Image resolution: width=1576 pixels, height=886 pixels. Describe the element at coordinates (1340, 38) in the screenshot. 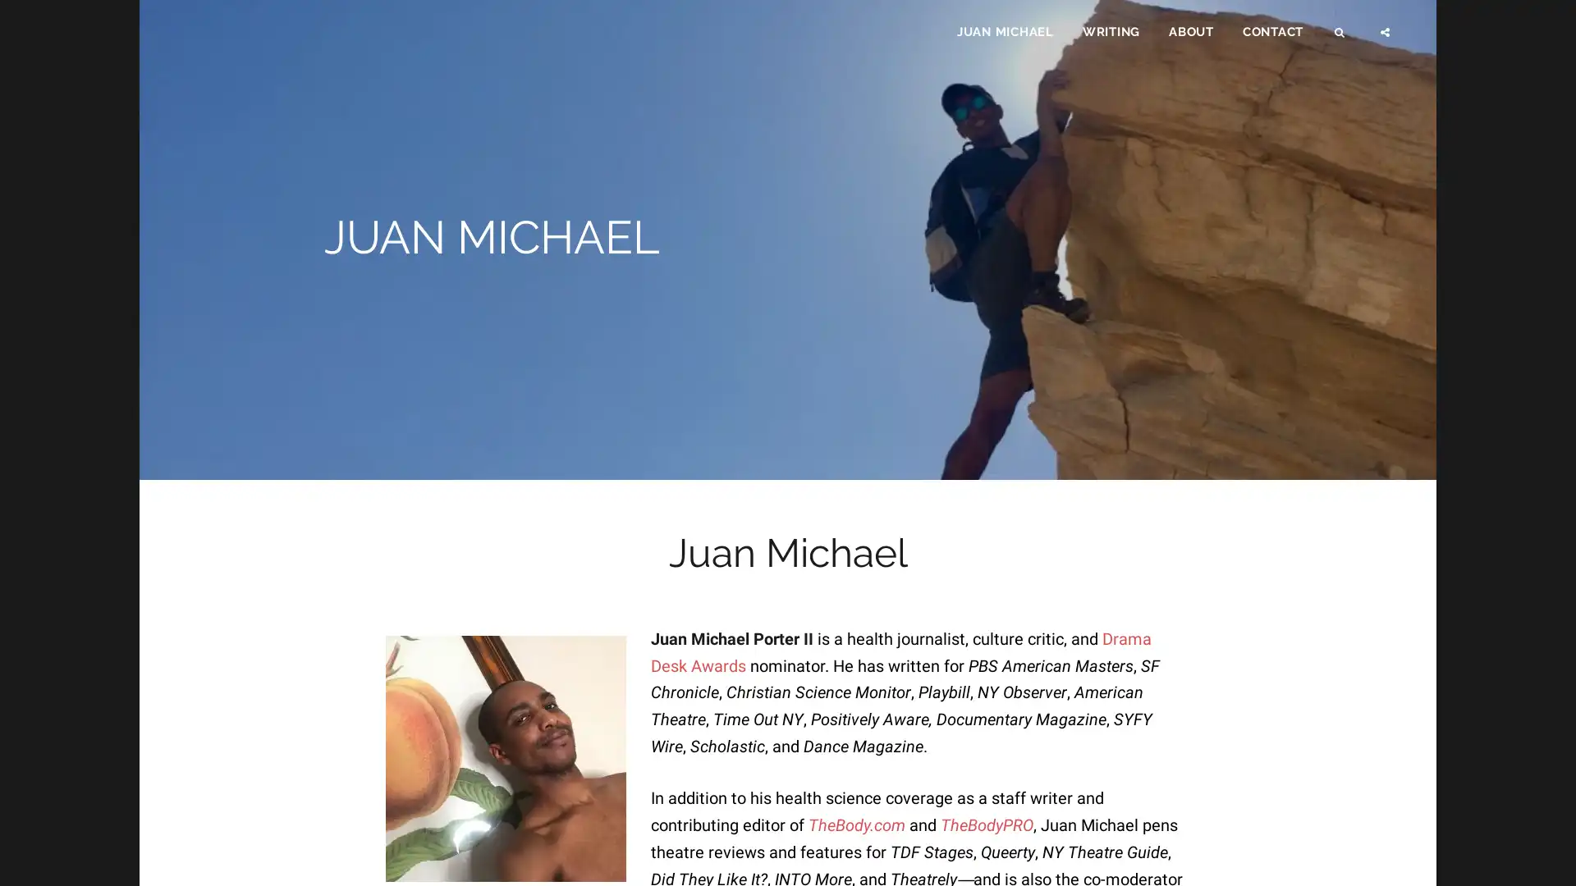

I see `SEARCH` at that location.